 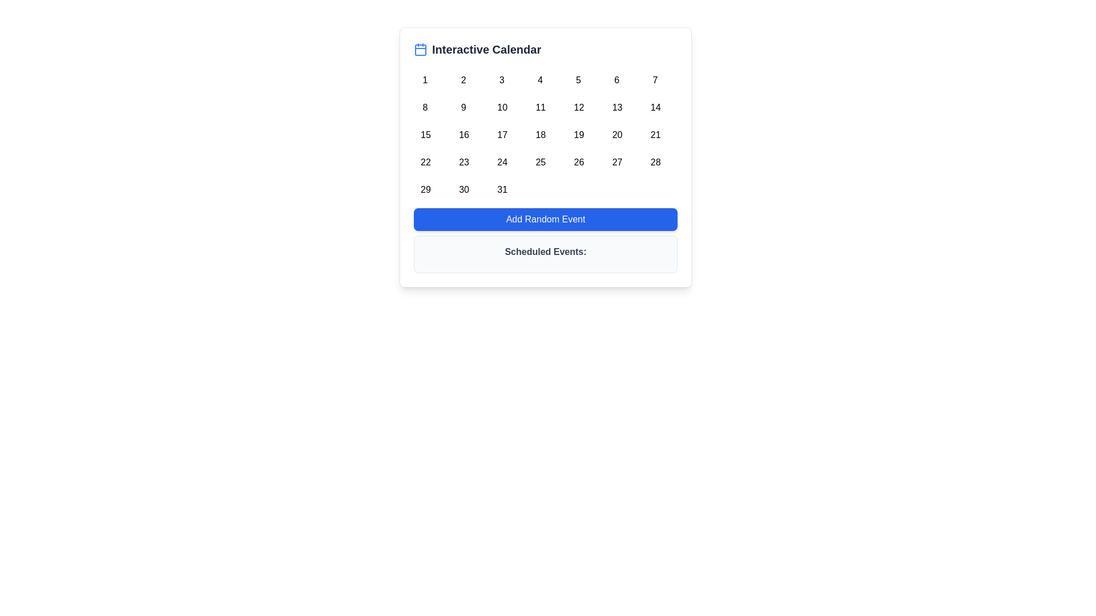 I want to click on the 26th day button in the interactive calendar, so click(x=578, y=160).